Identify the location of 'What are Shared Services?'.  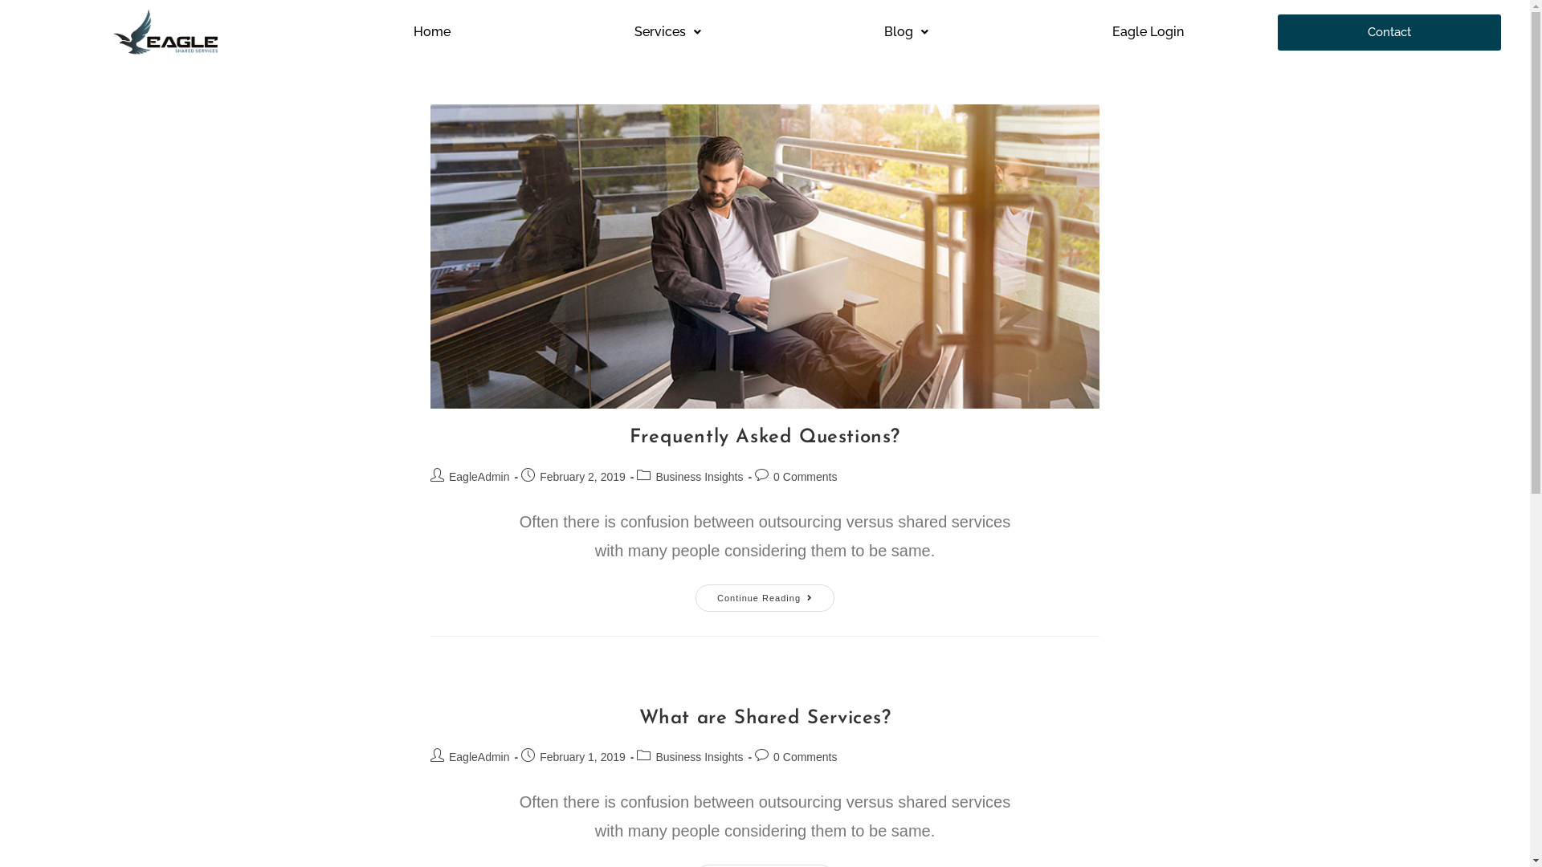
(765, 717).